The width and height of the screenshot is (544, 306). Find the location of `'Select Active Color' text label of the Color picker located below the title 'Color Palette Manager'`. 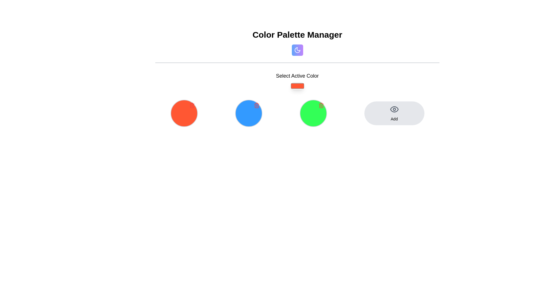

'Select Active Color' text label of the Color picker located below the title 'Color Palette Manager' is located at coordinates (297, 81).